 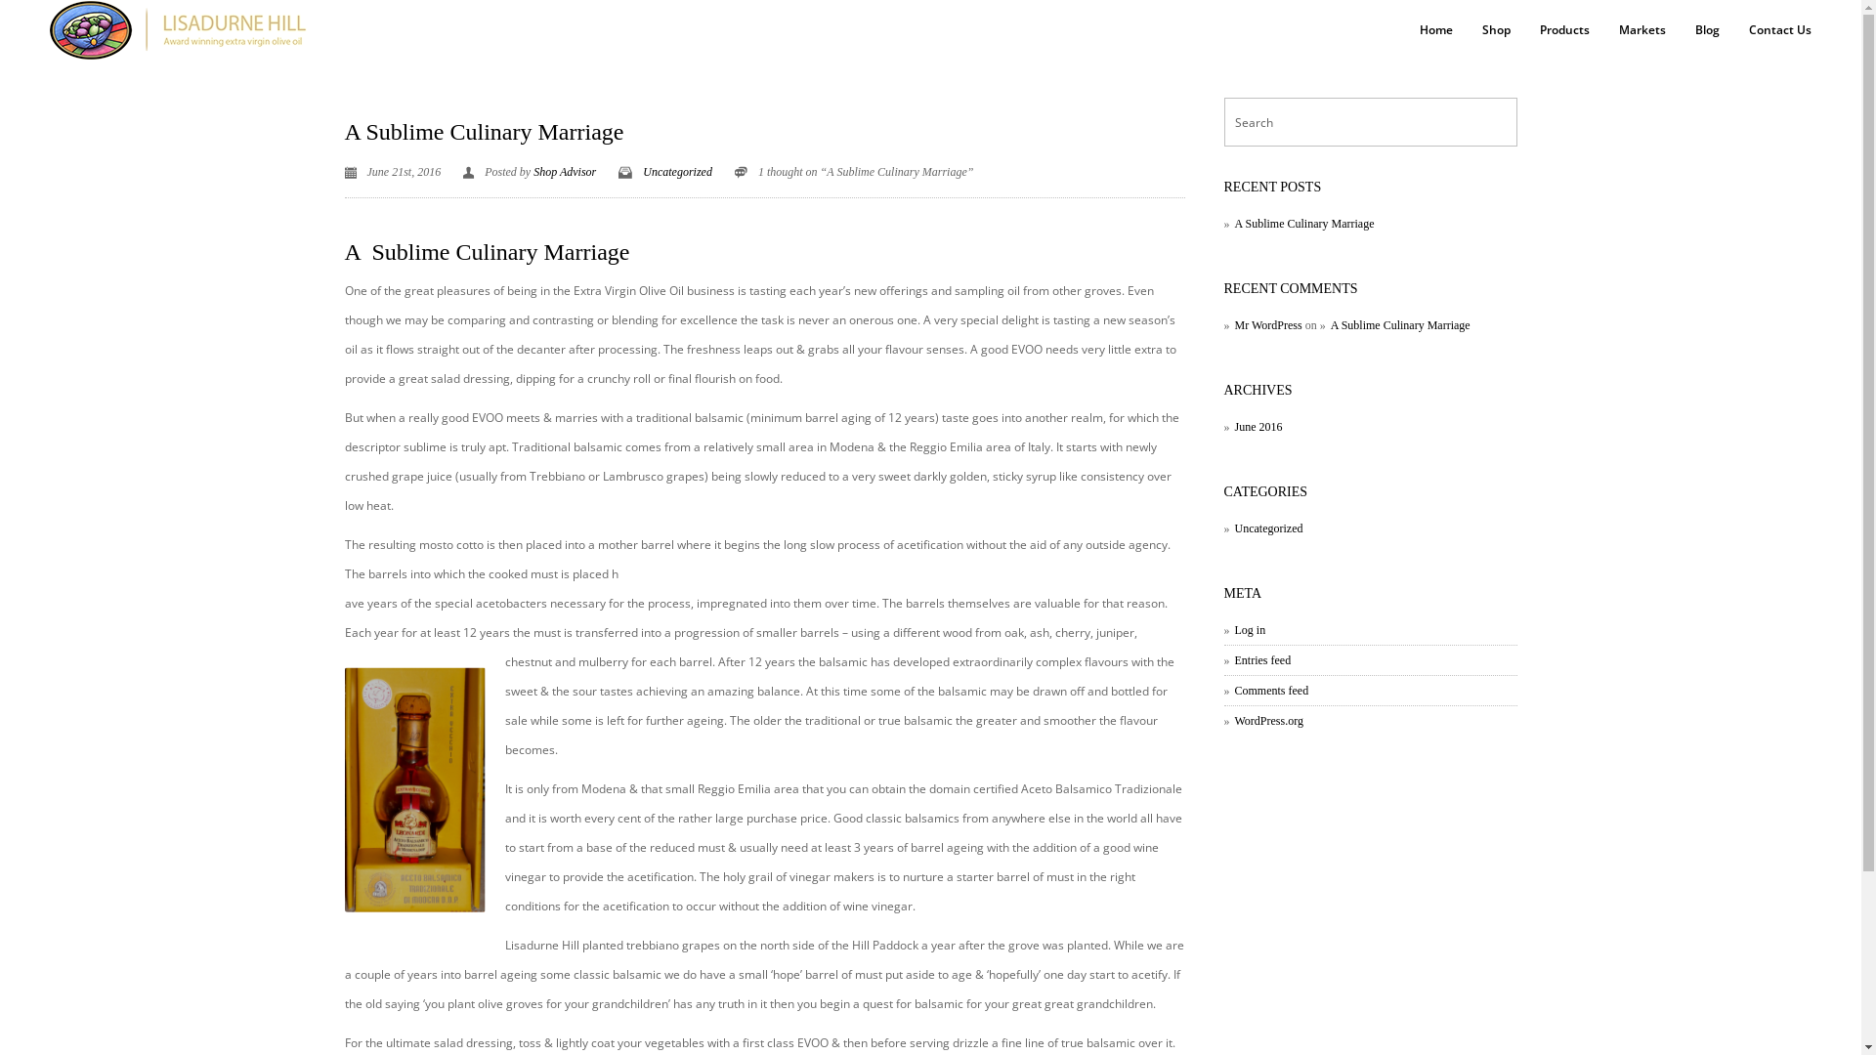 I want to click on 'Blog', so click(x=1706, y=29).